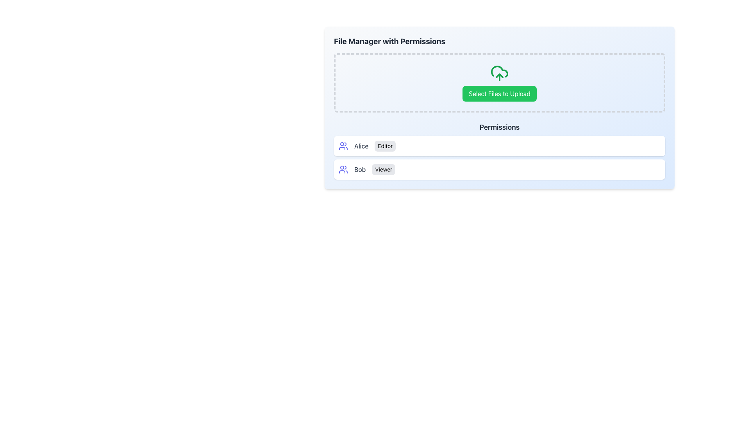  Describe the element at coordinates (499, 169) in the screenshot. I see `the role badge for the user 'Bob' identified in the user role assignment display, which is located in the permissions section below 'Alice Editor'` at that location.